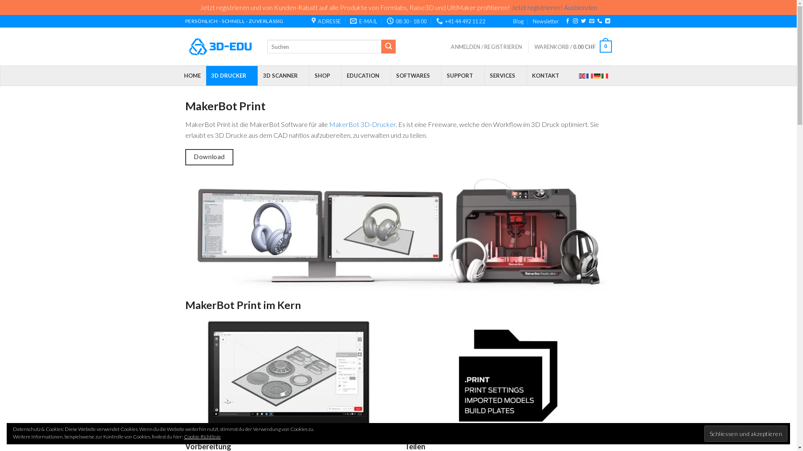 Image resolution: width=803 pixels, height=451 pixels. I want to click on '3D DRUCKER', so click(231, 76).